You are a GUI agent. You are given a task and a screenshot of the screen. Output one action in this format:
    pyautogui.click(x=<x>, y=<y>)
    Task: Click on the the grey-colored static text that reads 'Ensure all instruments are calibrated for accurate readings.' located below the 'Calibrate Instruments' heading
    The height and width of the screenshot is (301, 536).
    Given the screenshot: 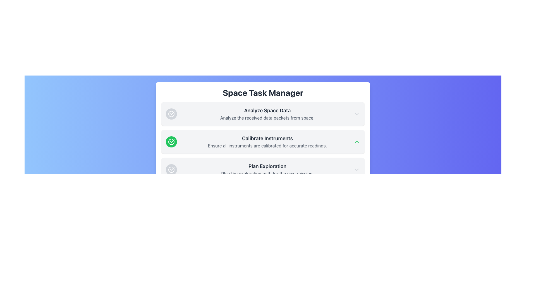 What is the action you would take?
    pyautogui.click(x=267, y=145)
    